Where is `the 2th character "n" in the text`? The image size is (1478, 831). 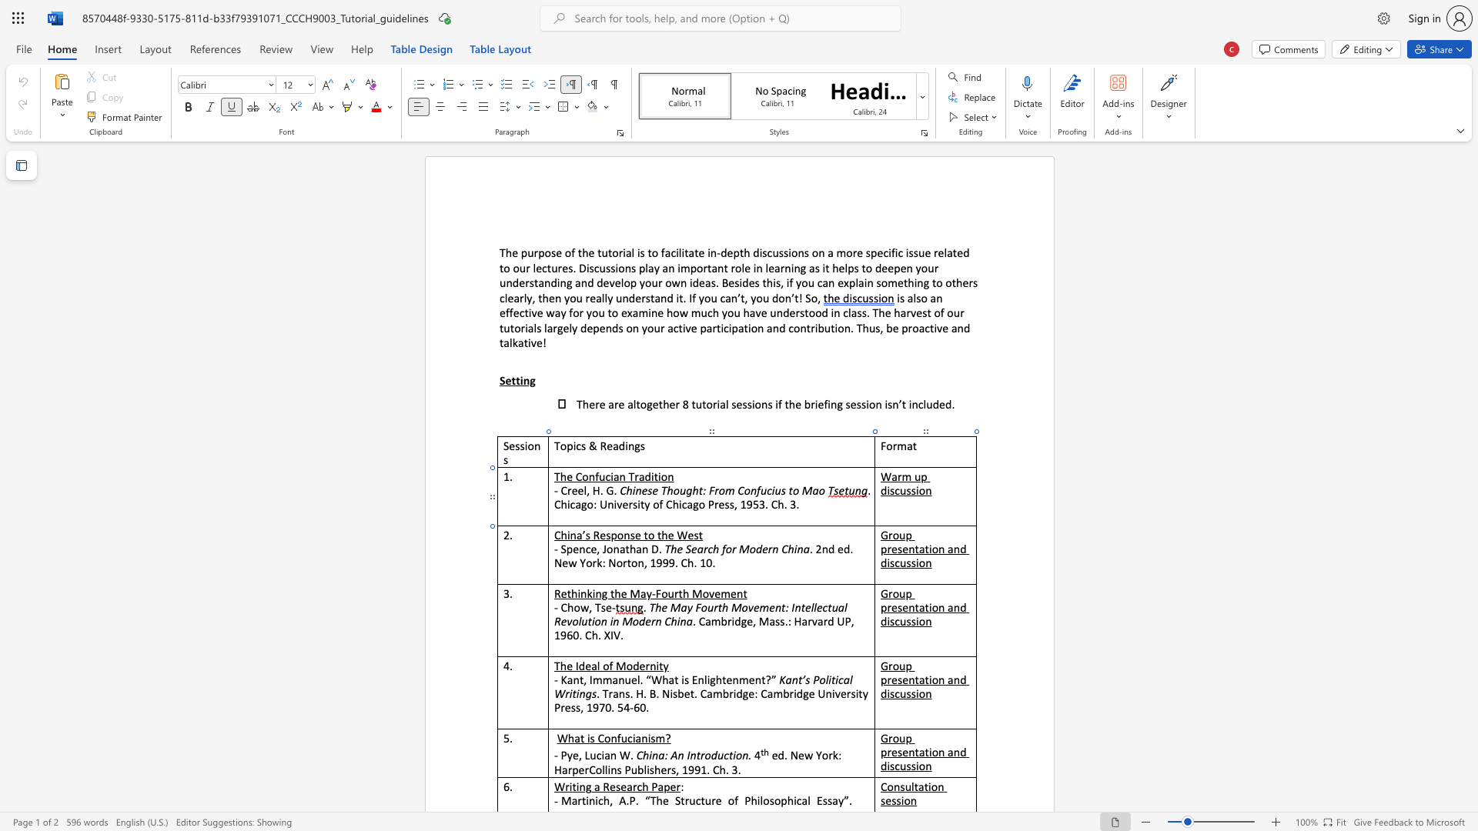 the 2th character "n" in the text is located at coordinates (627, 534).